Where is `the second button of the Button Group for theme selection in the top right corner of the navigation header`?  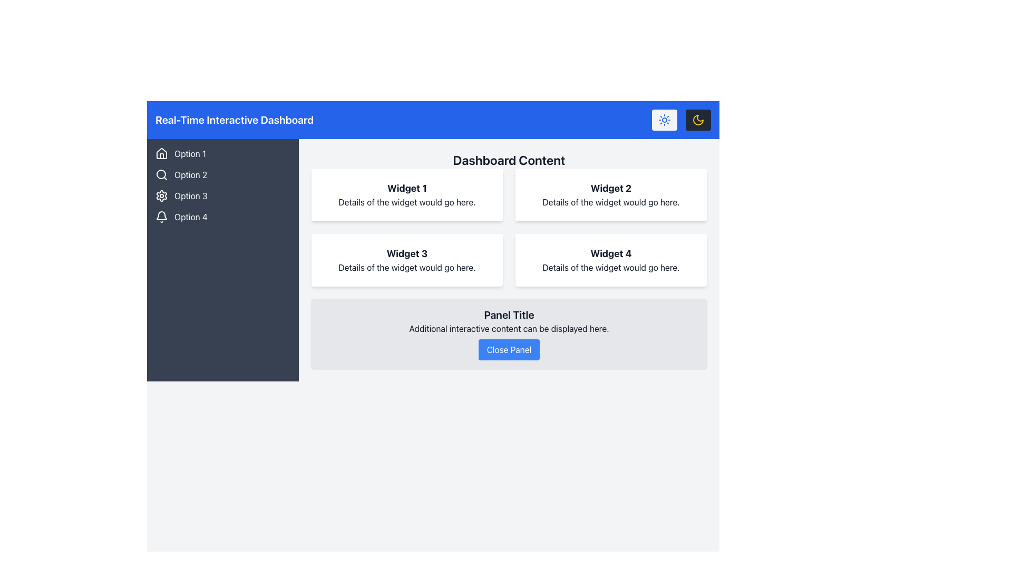 the second button of the Button Group for theme selection in the top right corner of the navigation header is located at coordinates (681, 119).